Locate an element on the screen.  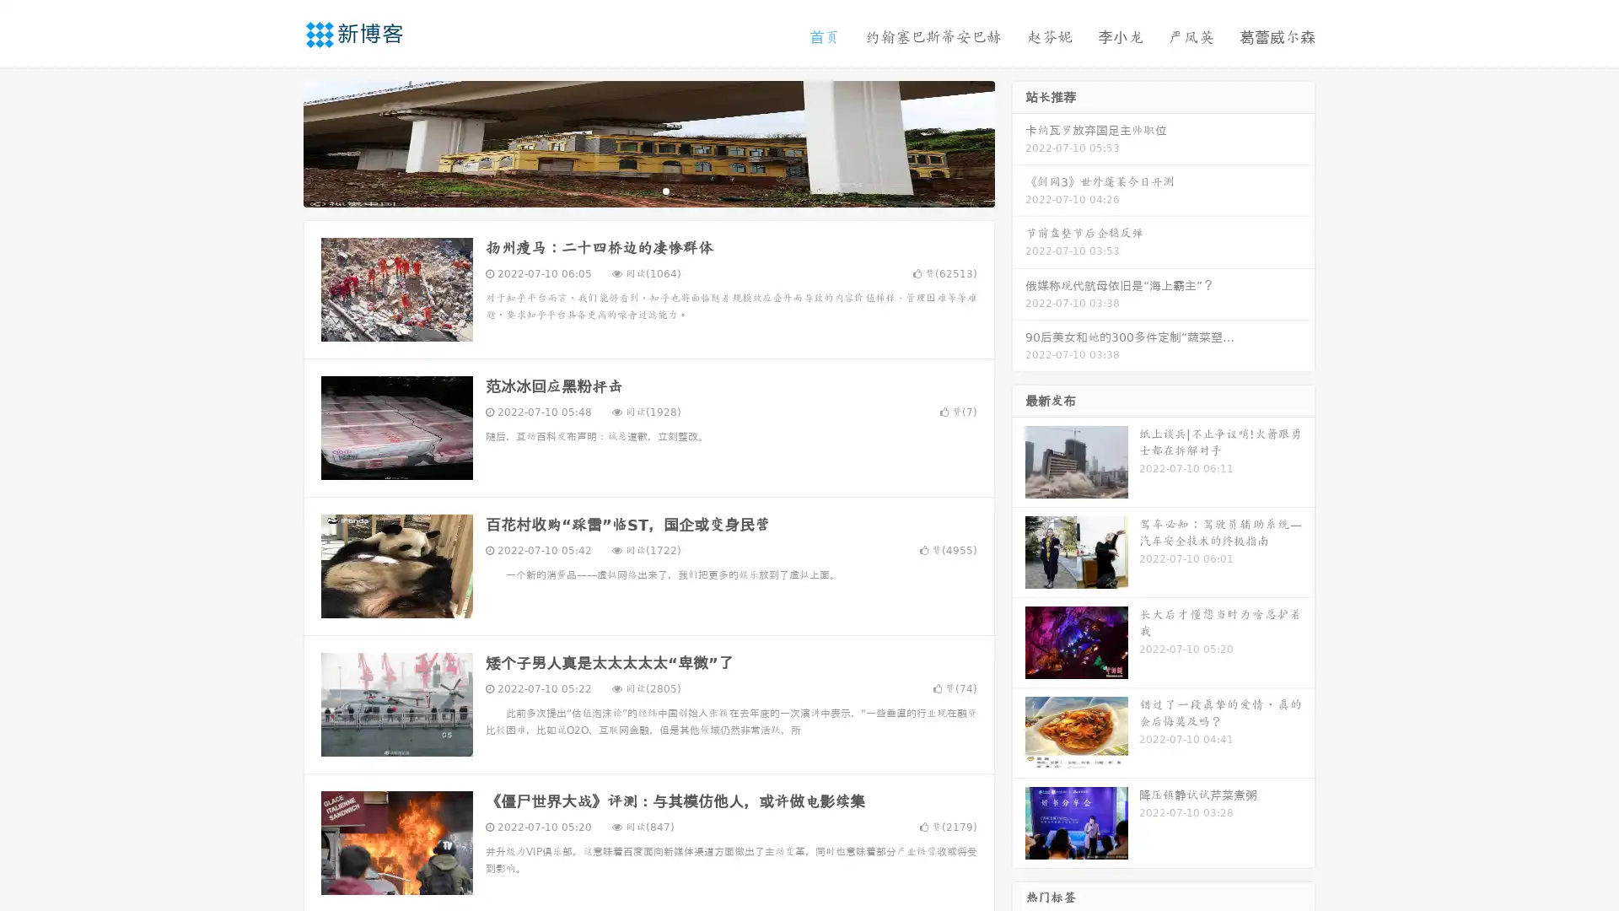
Go to slide 1 is located at coordinates (631, 190).